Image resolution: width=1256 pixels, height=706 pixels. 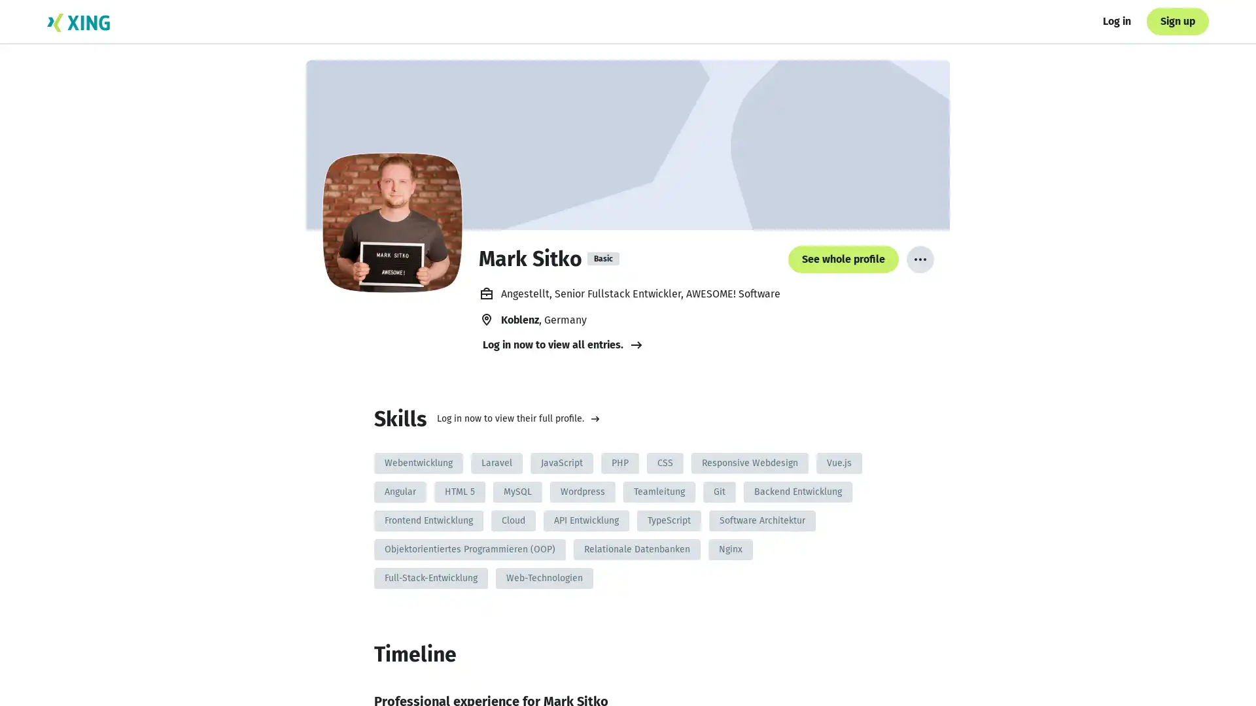 I want to click on See whole profile, so click(x=894, y=668).